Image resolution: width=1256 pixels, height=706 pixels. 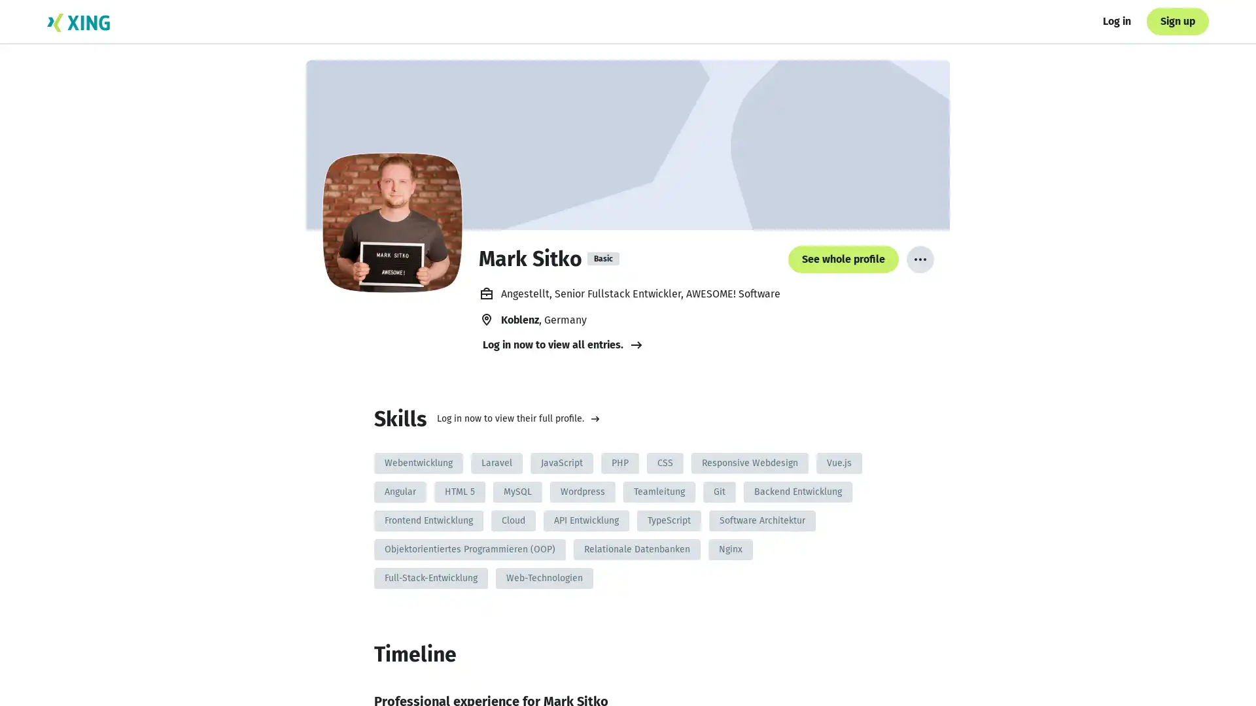 I want to click on See whole profile, so click(x=894, y=668).